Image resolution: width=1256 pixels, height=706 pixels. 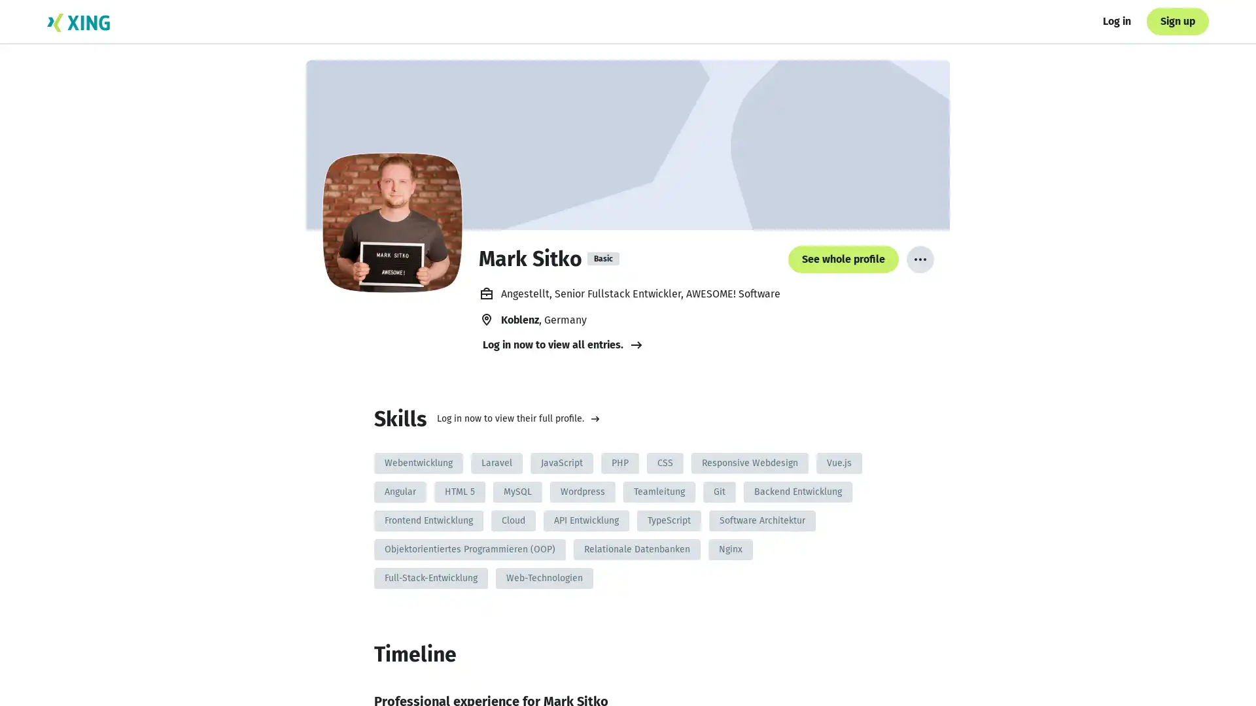 I want to click on See whole profile, so click(x=894, y=668).